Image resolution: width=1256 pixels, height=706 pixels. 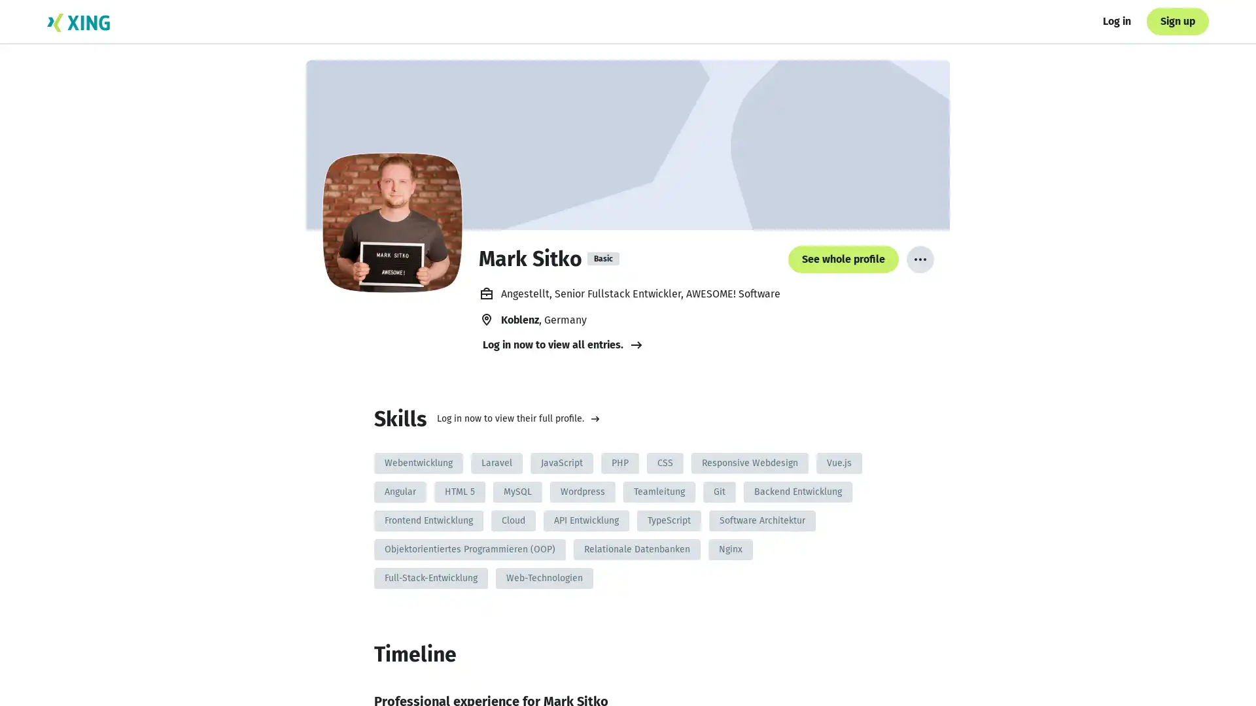 I want to click on See whole profile, so click(x=894, y=668).